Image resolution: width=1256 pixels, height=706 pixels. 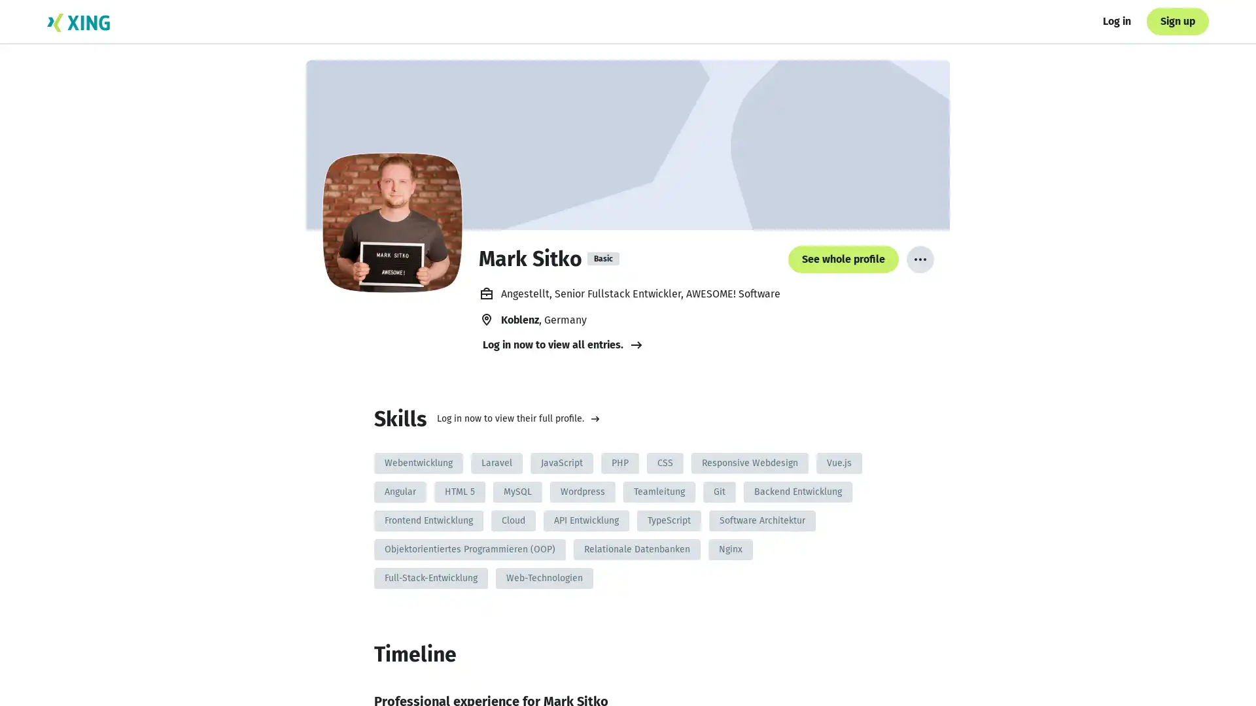 I want to click on See whole profile, so click(x=894, y=668).